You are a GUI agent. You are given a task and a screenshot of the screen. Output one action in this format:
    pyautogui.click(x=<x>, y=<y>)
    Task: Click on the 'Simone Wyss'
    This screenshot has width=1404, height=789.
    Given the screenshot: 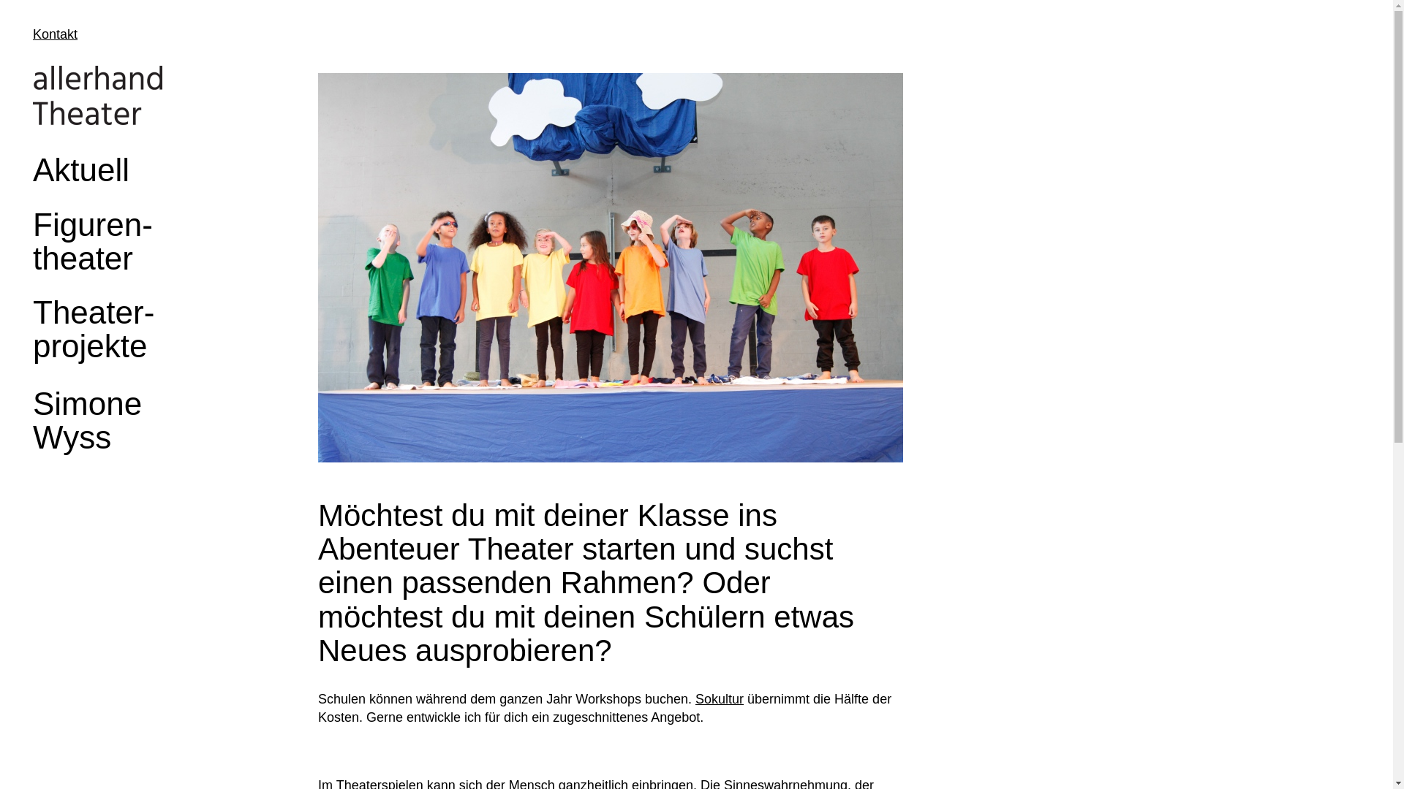 What is the action you would take?
    pyautogui.click(x=86, y=420)
    